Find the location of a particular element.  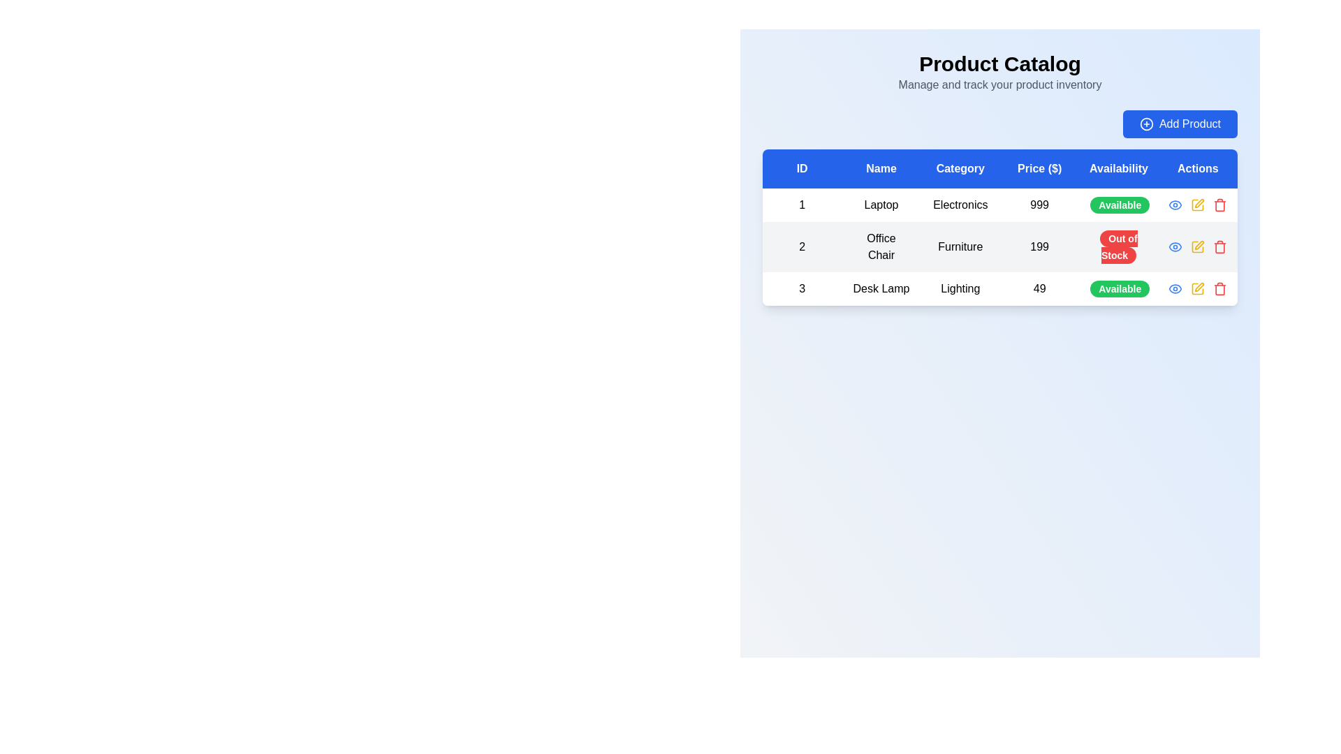

the yellow pencil icon in the Actions column, which is the second element in a group of three action icons is located at coordinates (1197, 246).